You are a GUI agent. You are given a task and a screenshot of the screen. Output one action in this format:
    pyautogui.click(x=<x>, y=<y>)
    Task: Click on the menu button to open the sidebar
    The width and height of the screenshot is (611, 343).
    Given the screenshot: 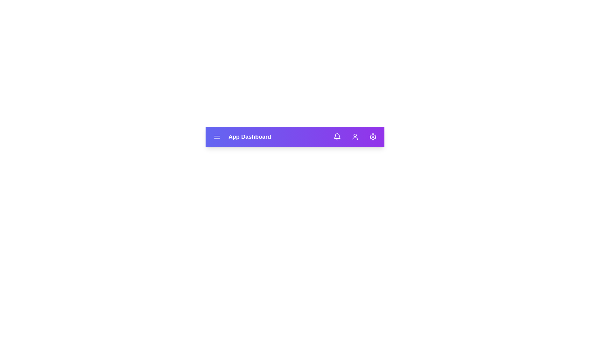 What is the action you would take?
    pyautogui.click(x=217, y=137)
    